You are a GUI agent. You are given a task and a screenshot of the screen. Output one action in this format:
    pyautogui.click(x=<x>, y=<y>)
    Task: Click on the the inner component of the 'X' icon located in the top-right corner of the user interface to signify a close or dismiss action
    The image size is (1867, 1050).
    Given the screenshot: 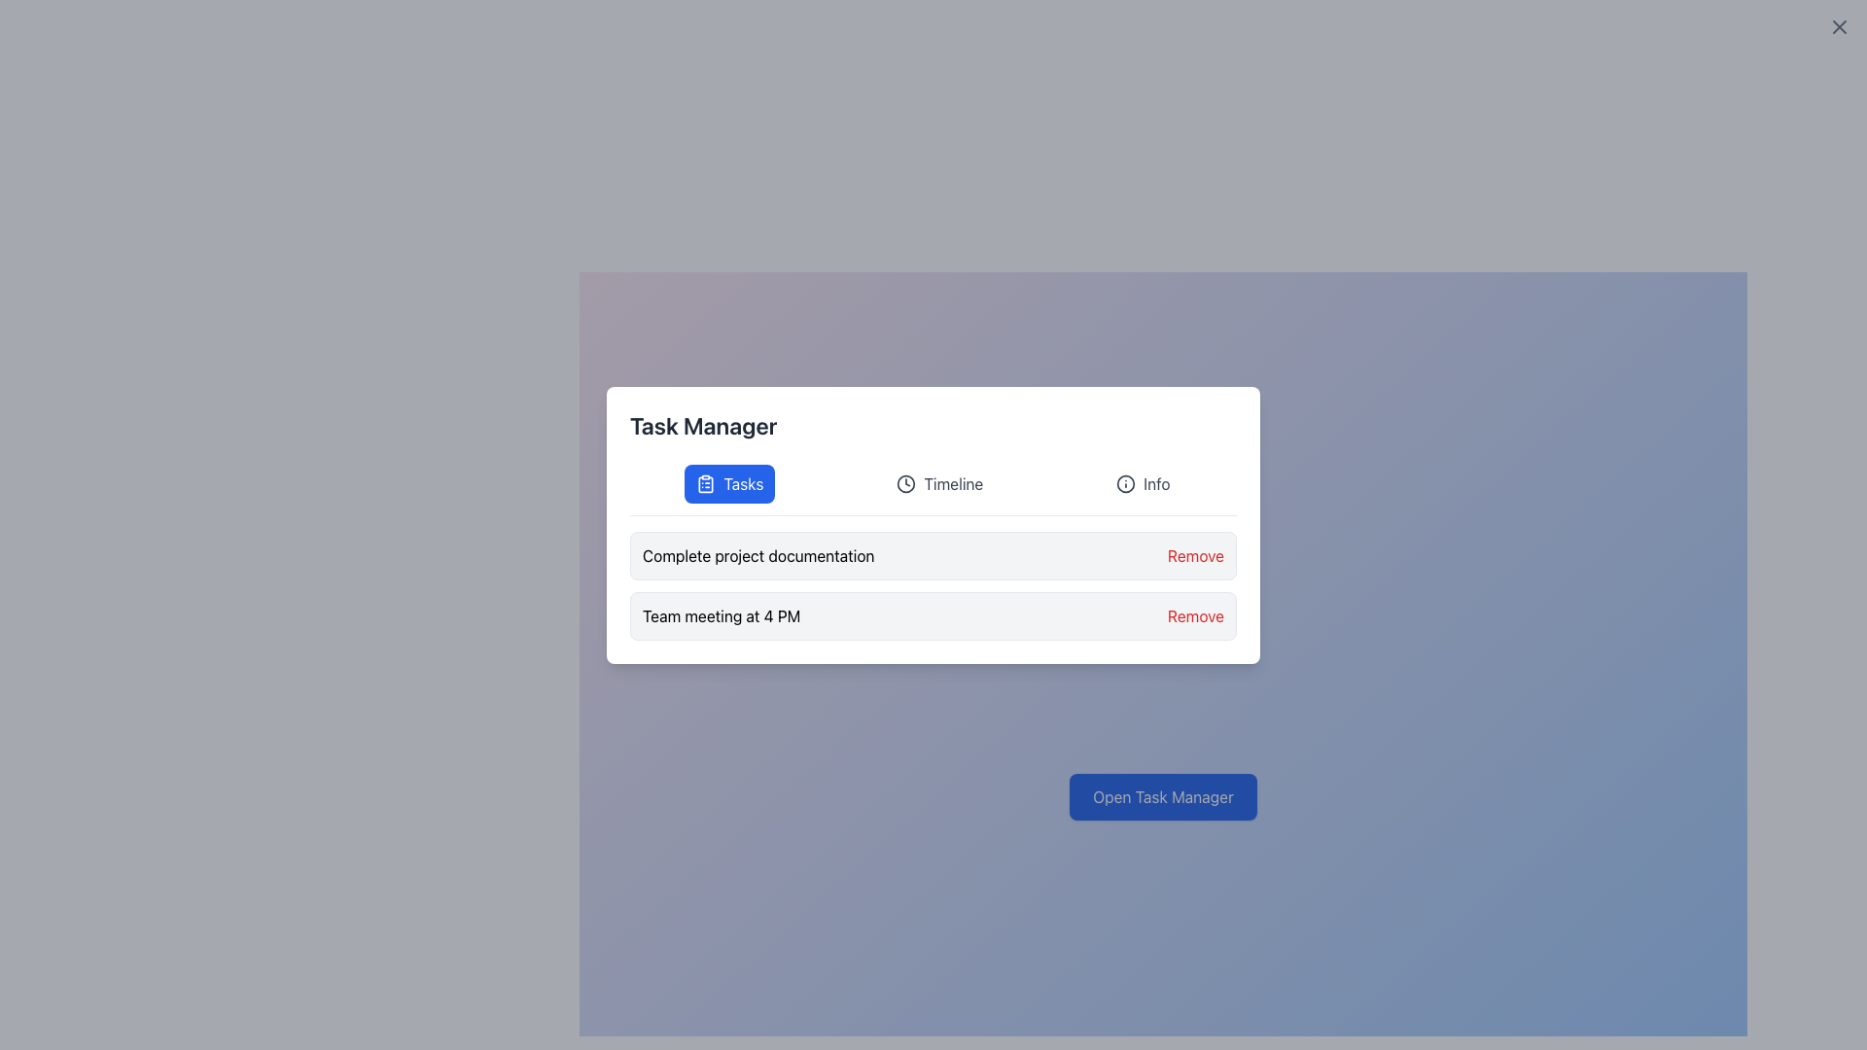 What is the action you would take?
    pyautogui.click(x=1838, y=26)
    